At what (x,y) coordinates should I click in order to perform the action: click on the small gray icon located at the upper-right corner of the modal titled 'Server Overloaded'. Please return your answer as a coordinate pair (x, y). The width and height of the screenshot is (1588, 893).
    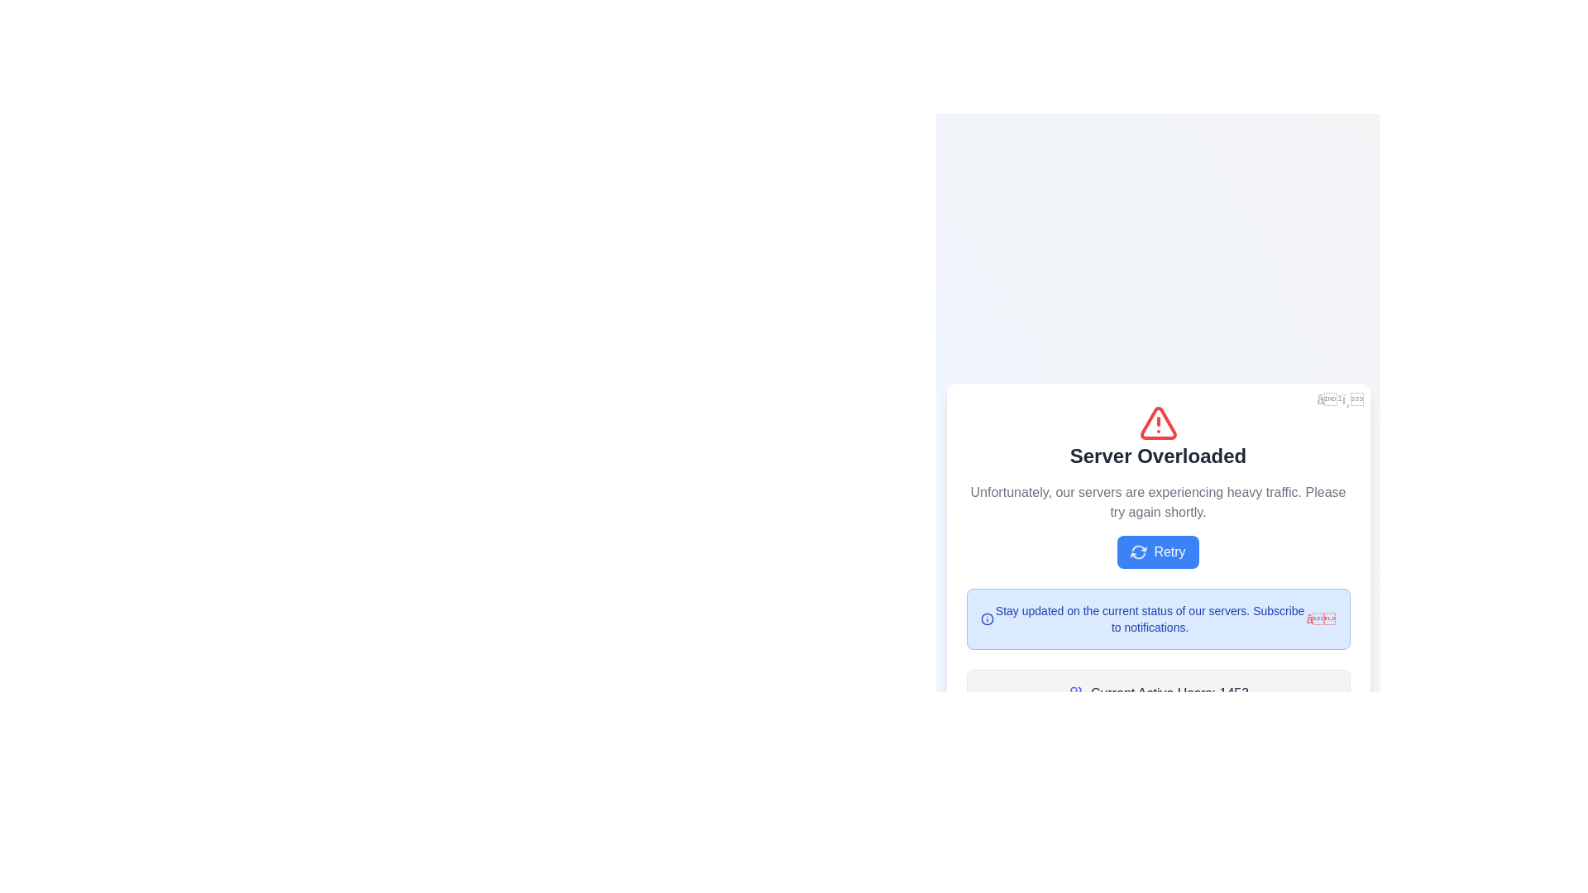
    Looking at the image, I should click on (1340, 399).